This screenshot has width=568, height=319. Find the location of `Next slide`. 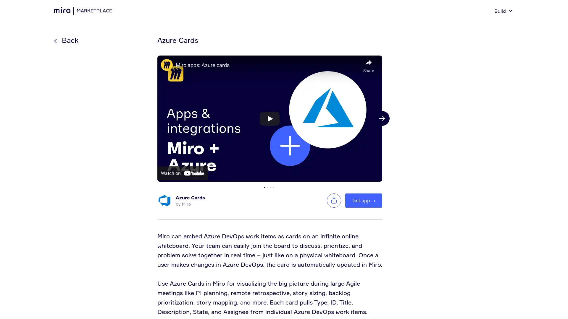

Next slide is located at coordinates (382, 118).